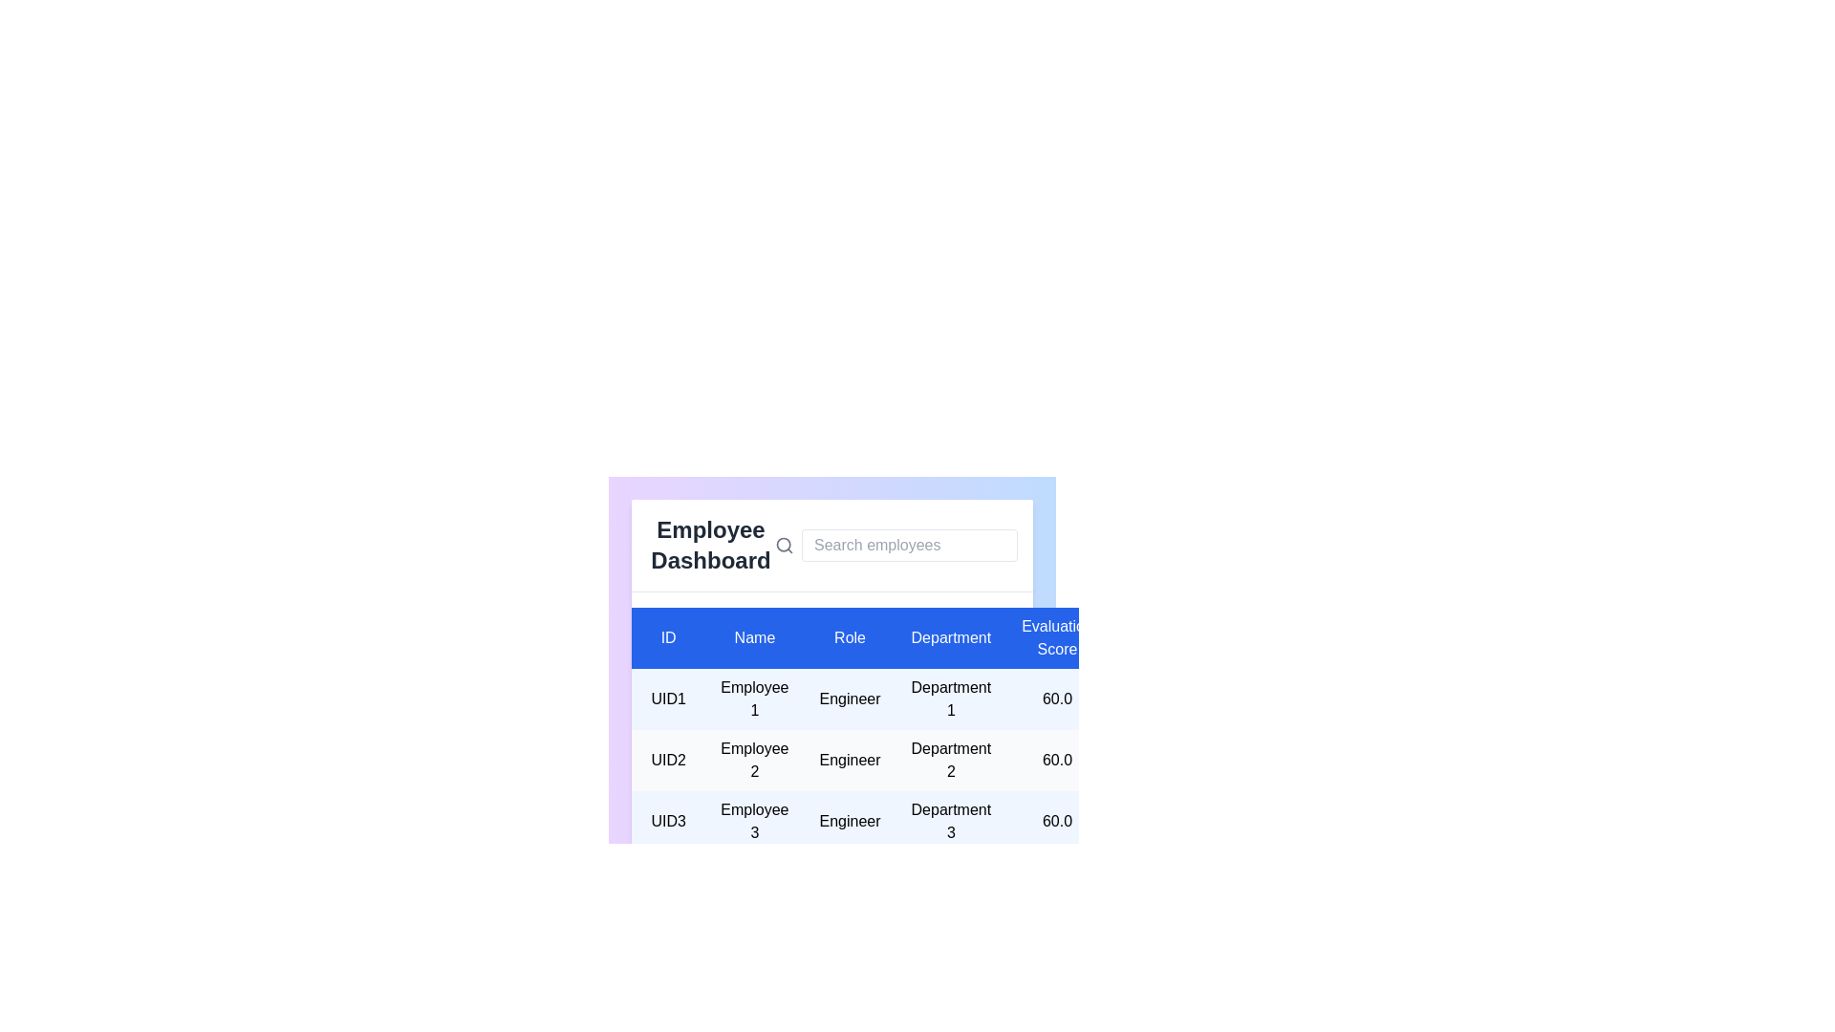 This screenshot has width=1835, height=1032. What do you see at coordinates (668, 637) in the screenshot?
I see `the table header labeled 'ID' to highlight the respective column` at bounding box center [668, 637].